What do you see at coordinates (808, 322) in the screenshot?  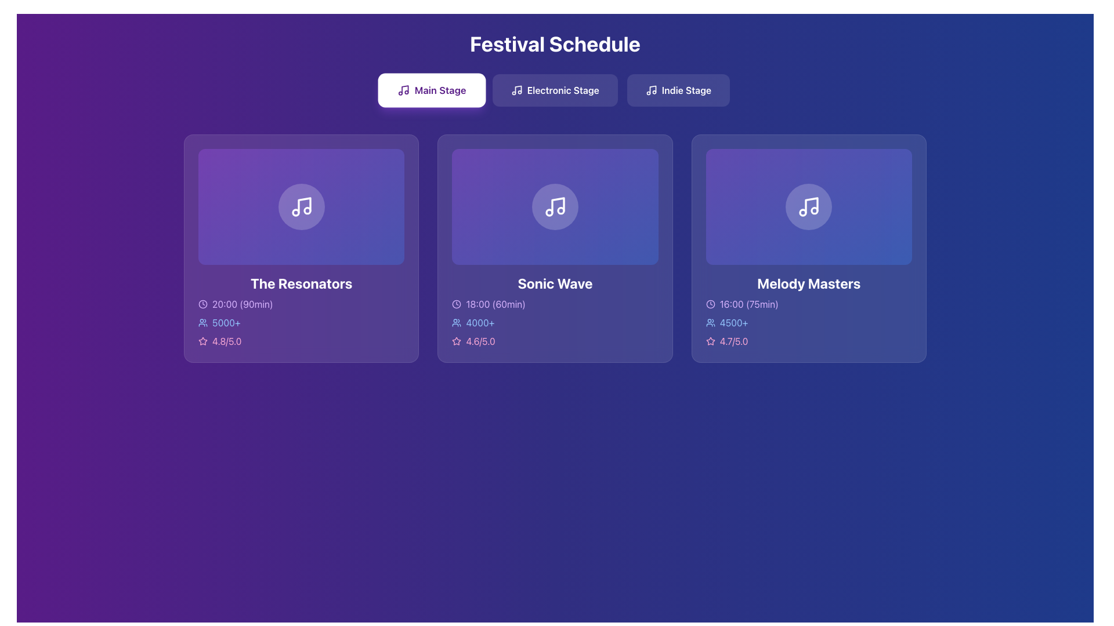 I see `the Information Card Segment displaying '16:00 (75min)', '4500+', and '4.7/5.0', located in the bottom-right section of the 'Melody Masters' card` at bounding box center [808, 322].